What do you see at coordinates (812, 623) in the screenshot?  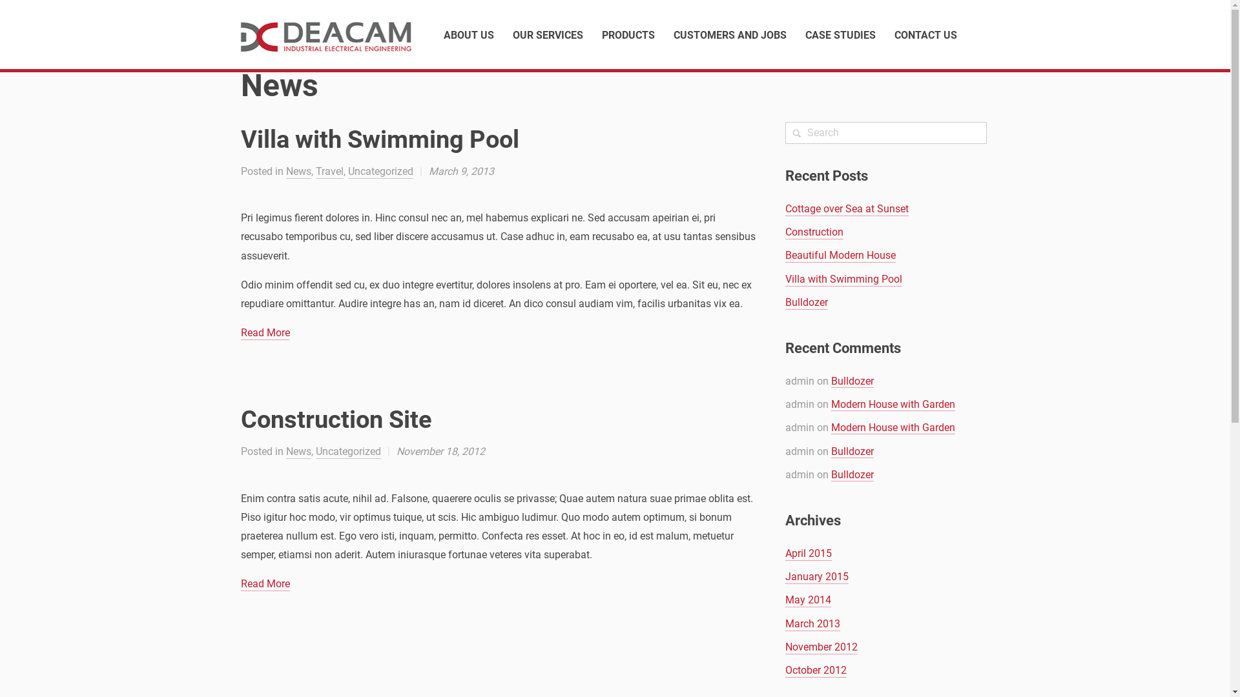 I see `'March 2013'` at bounding box center [812, 623].